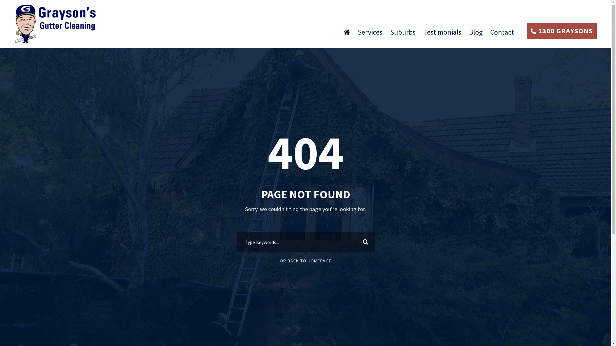  I want to click on 'Services', so click(370, 35).